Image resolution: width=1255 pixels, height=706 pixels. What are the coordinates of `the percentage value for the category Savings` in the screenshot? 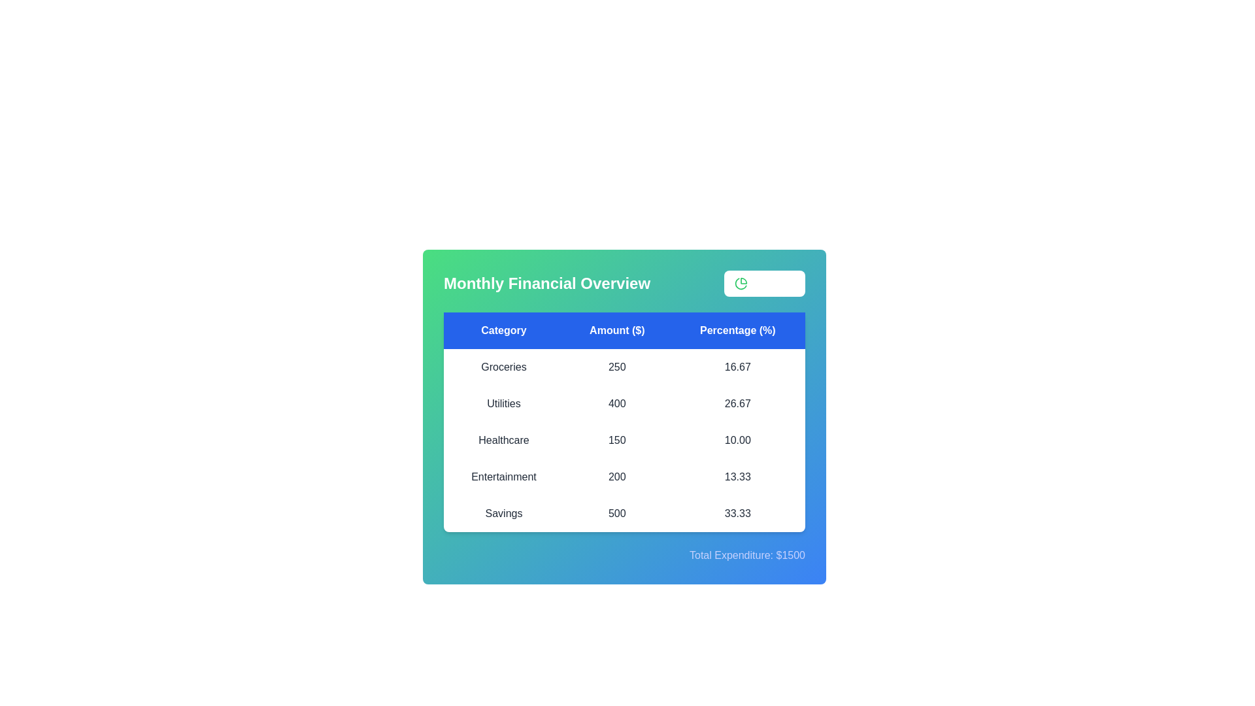 It's located at (737, 513).